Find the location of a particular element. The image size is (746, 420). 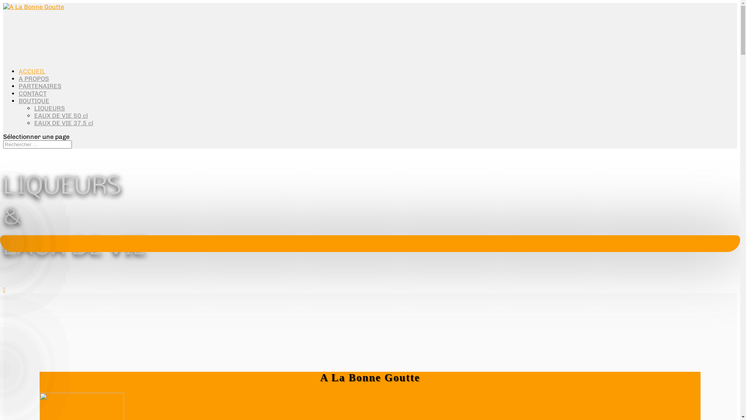

'A PROPOS' is located at coordinates (33, 79).